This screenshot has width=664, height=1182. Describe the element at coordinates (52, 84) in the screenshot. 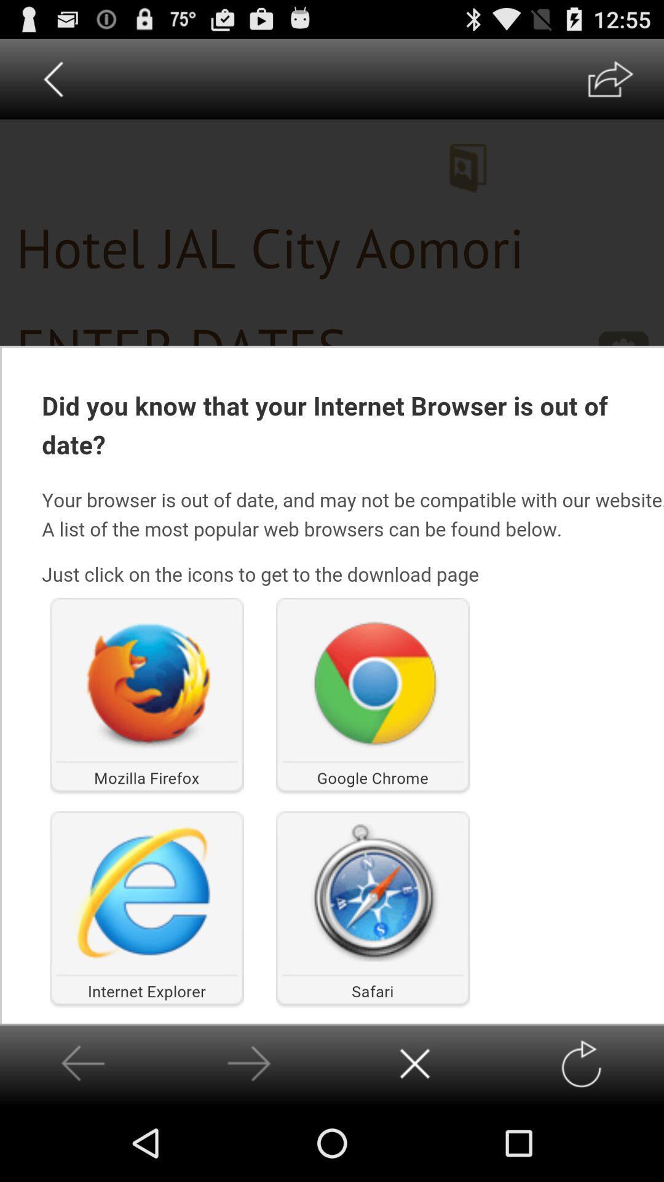

I see `the arrow_backward icon` at that location.